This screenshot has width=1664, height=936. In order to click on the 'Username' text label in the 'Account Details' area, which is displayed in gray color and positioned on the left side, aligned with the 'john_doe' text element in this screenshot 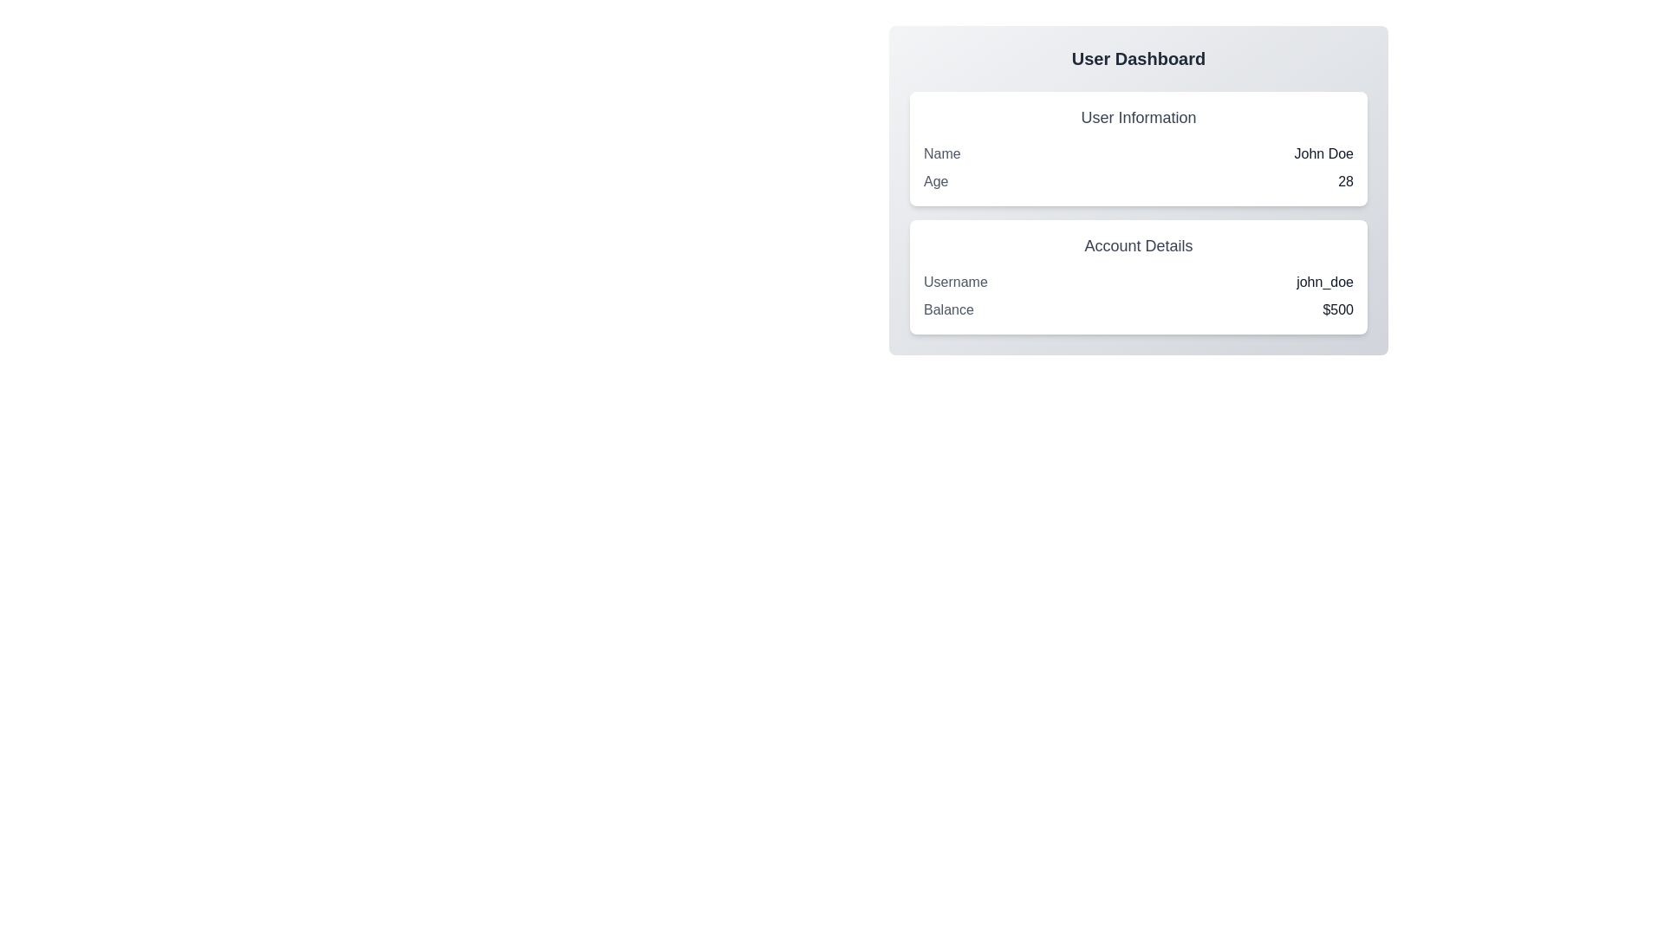, I will do `click(954, 282)`.